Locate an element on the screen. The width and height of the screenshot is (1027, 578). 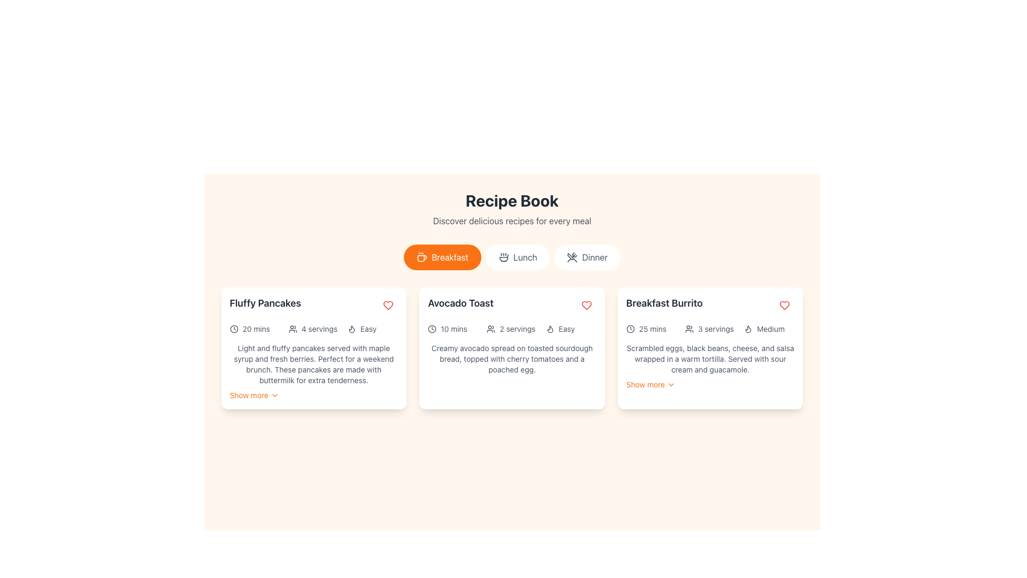
the user icon, which is a simplified wireframe illustration of two overlapping circles, located to the left of the text '3 servings' in the UI of the 'Breakfast Burrito' card is located at coordinates (689, 328).